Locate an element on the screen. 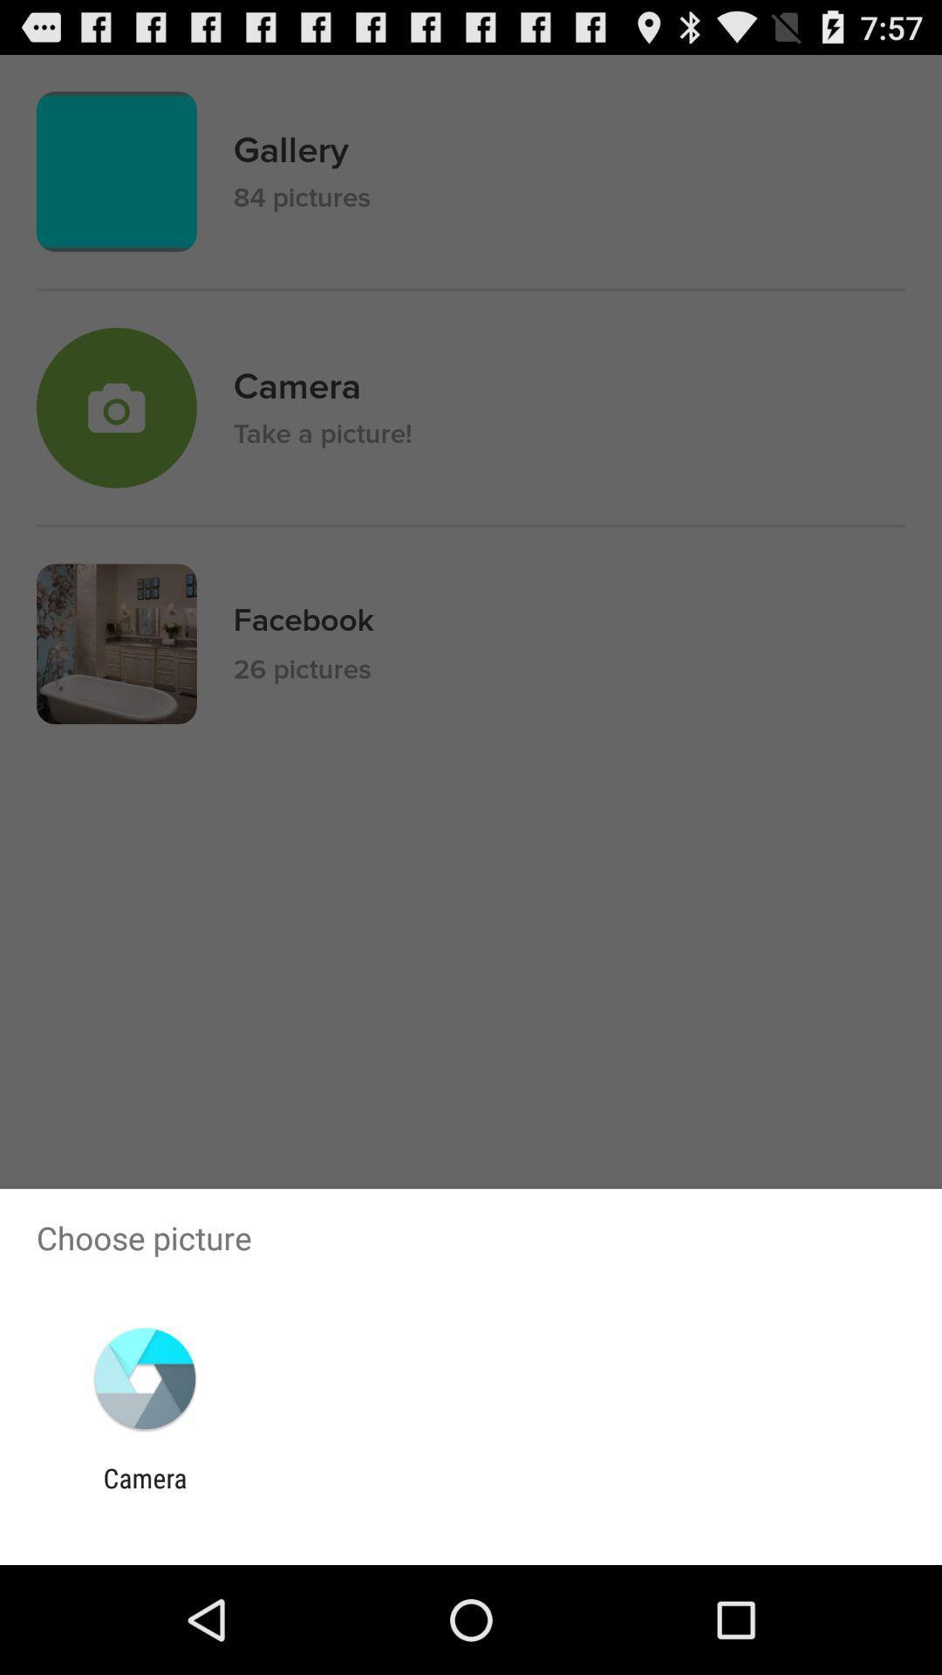  the camera icon is located at coordinates (144, 1493).